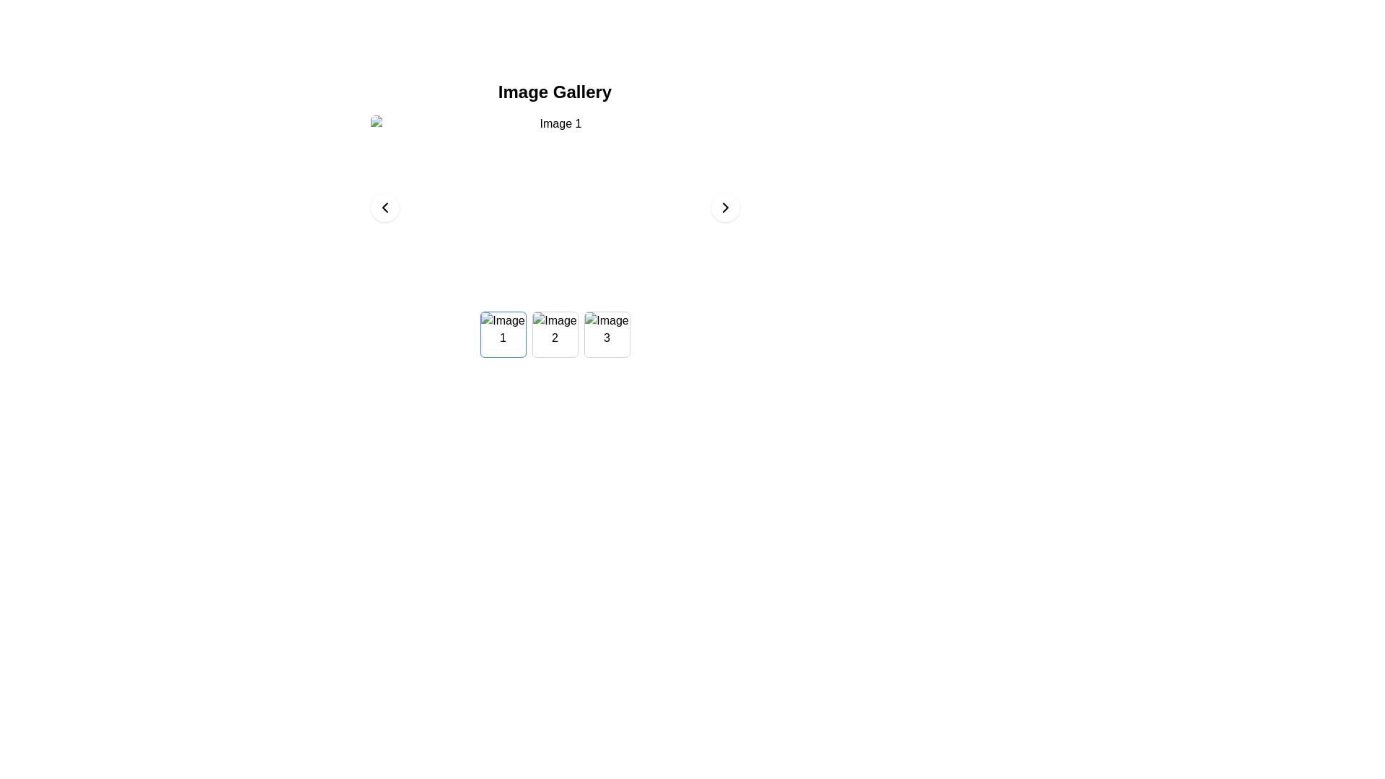 This screenshot has height=779, width=1385. I want to click on the rightward-pointing chevron icon inside the circular button with a white background, so click(725, 208).